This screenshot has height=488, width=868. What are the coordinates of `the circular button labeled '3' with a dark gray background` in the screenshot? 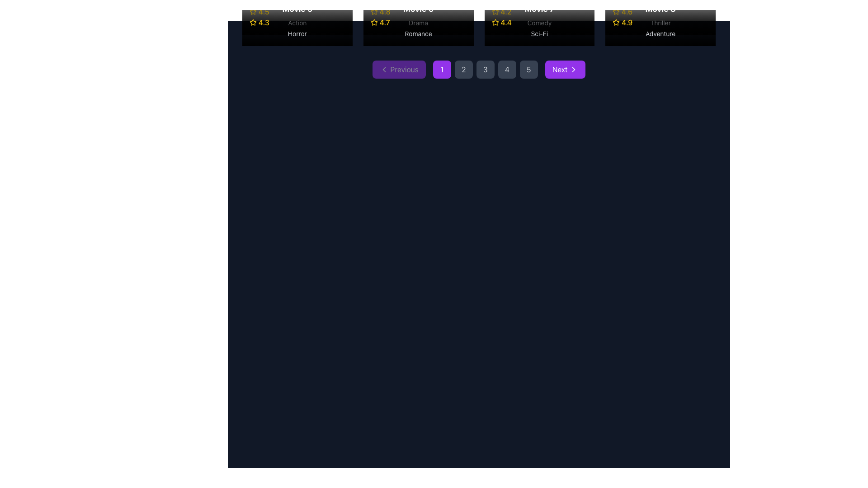 It's located at (485, 69).